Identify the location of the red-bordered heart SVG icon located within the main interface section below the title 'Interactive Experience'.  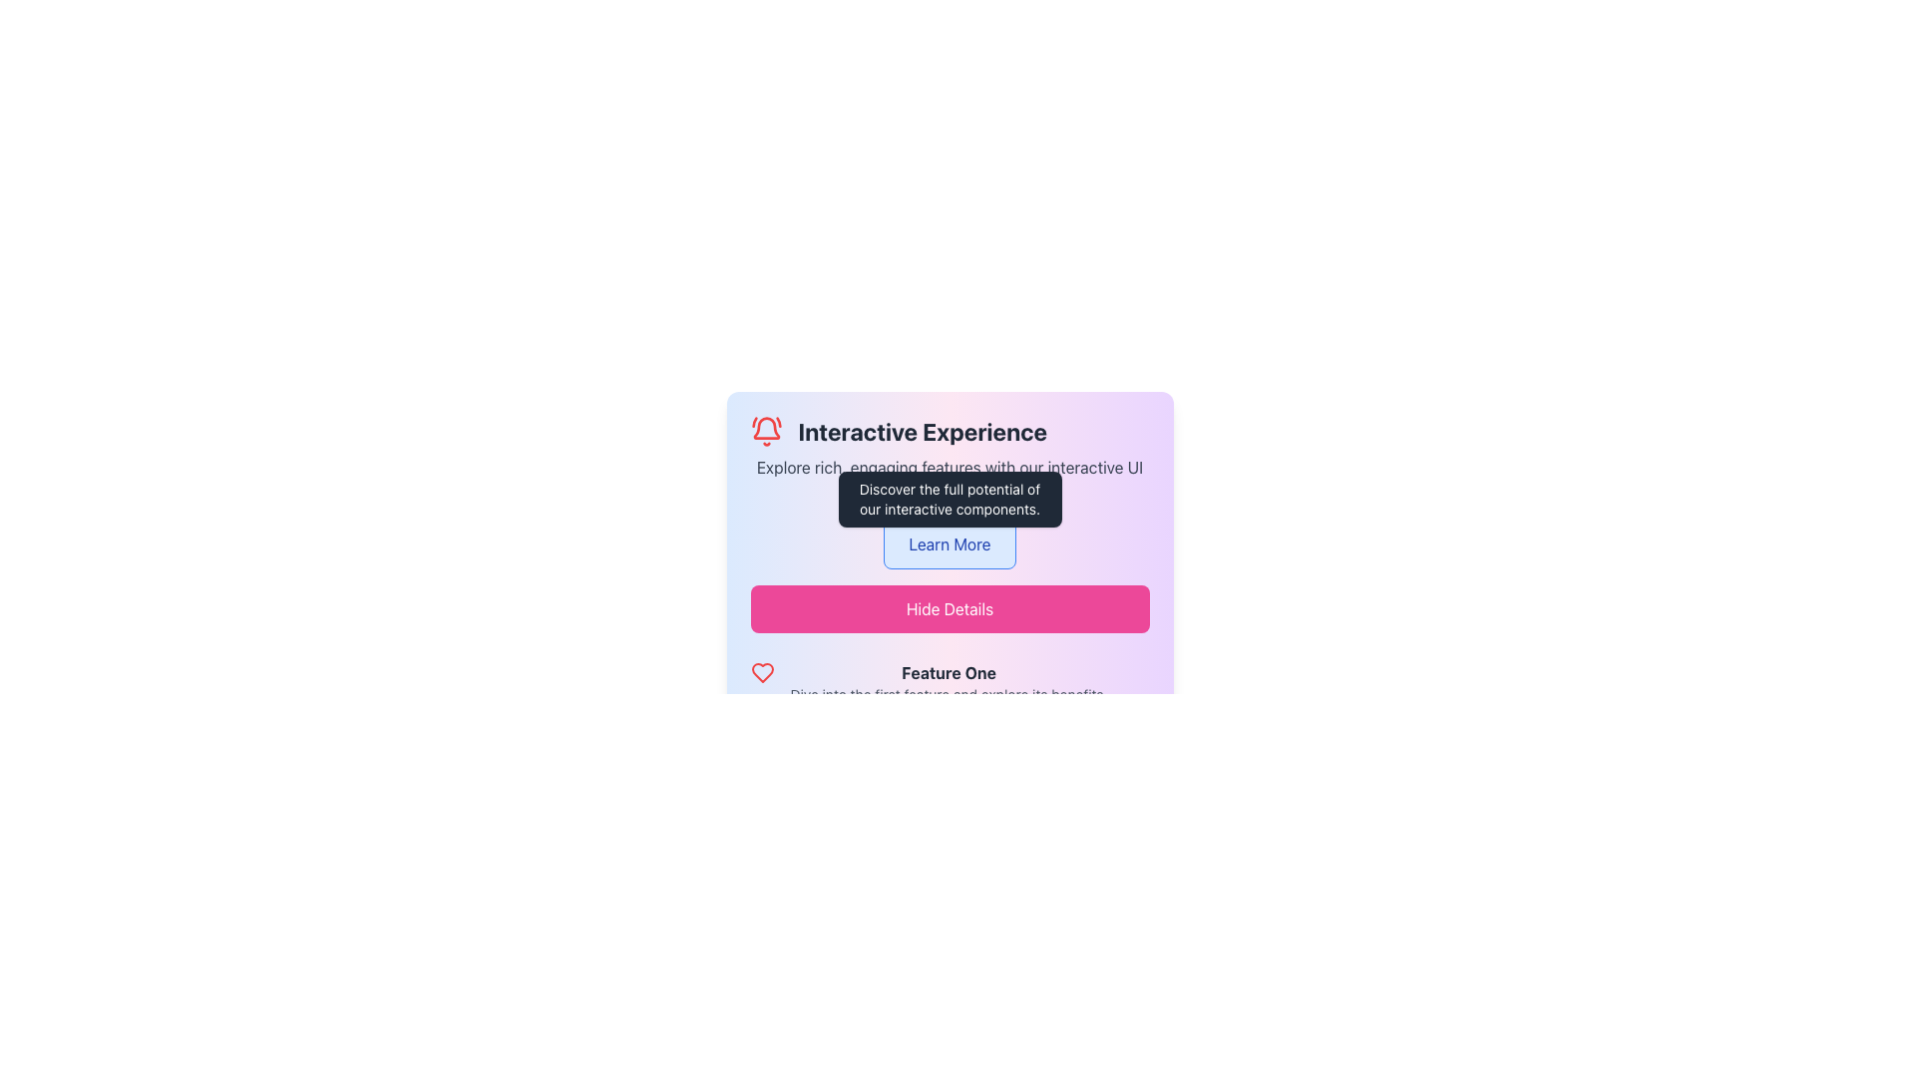
(761, 673).